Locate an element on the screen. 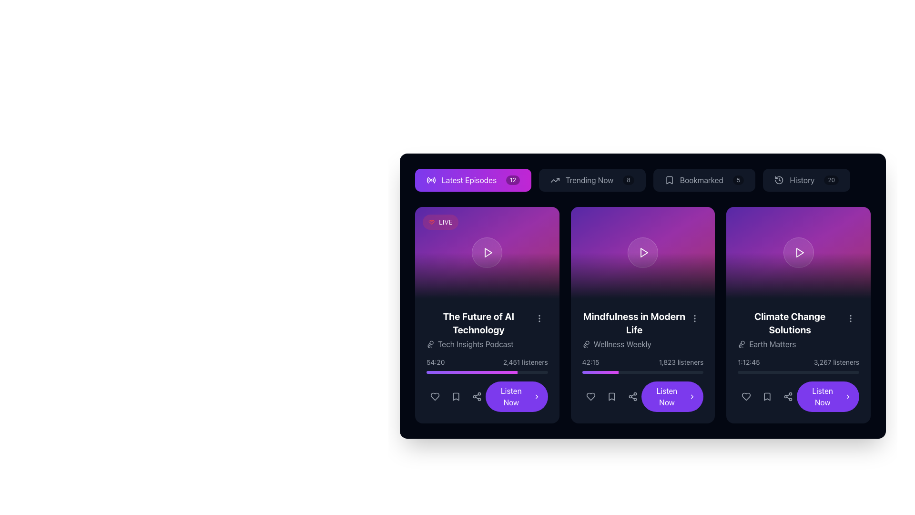  the Indicator Badge displaying the number '20', which is located at the far right end of the 'History' button in the navigation menu is located at coordinates (831, 180).